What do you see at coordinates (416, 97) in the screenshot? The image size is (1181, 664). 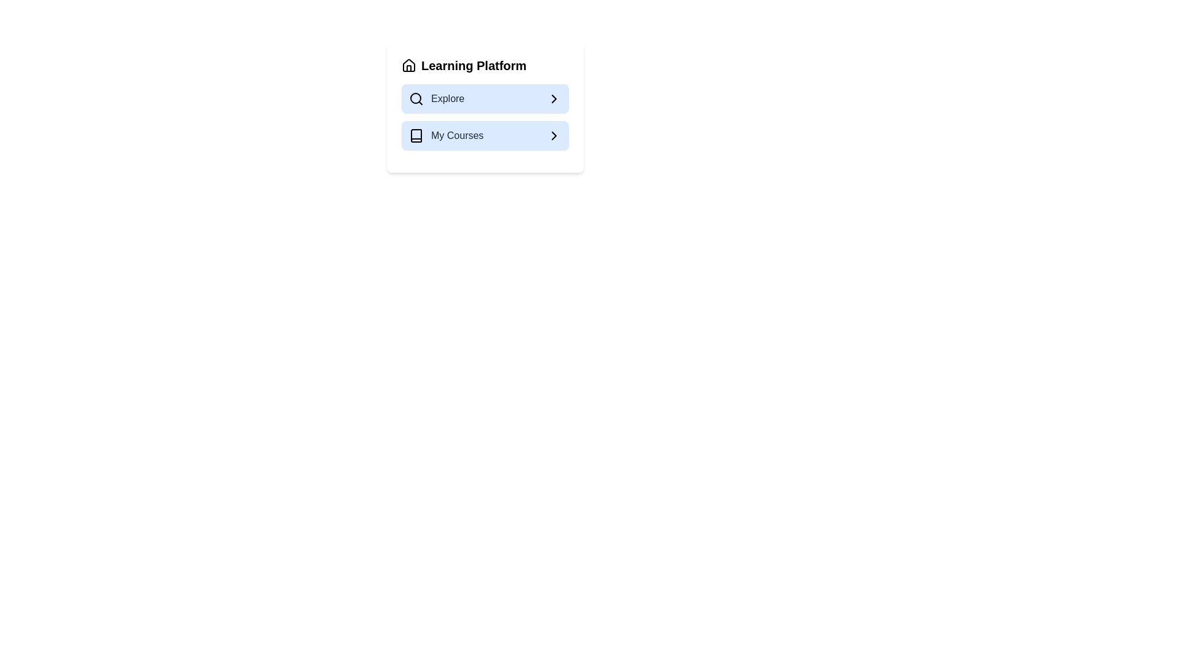 I see `the circular SVG element representing the lens of the magnifying glass icon located beside the 'Explore' label to inspect its structure` at bounding box center [416, 97].